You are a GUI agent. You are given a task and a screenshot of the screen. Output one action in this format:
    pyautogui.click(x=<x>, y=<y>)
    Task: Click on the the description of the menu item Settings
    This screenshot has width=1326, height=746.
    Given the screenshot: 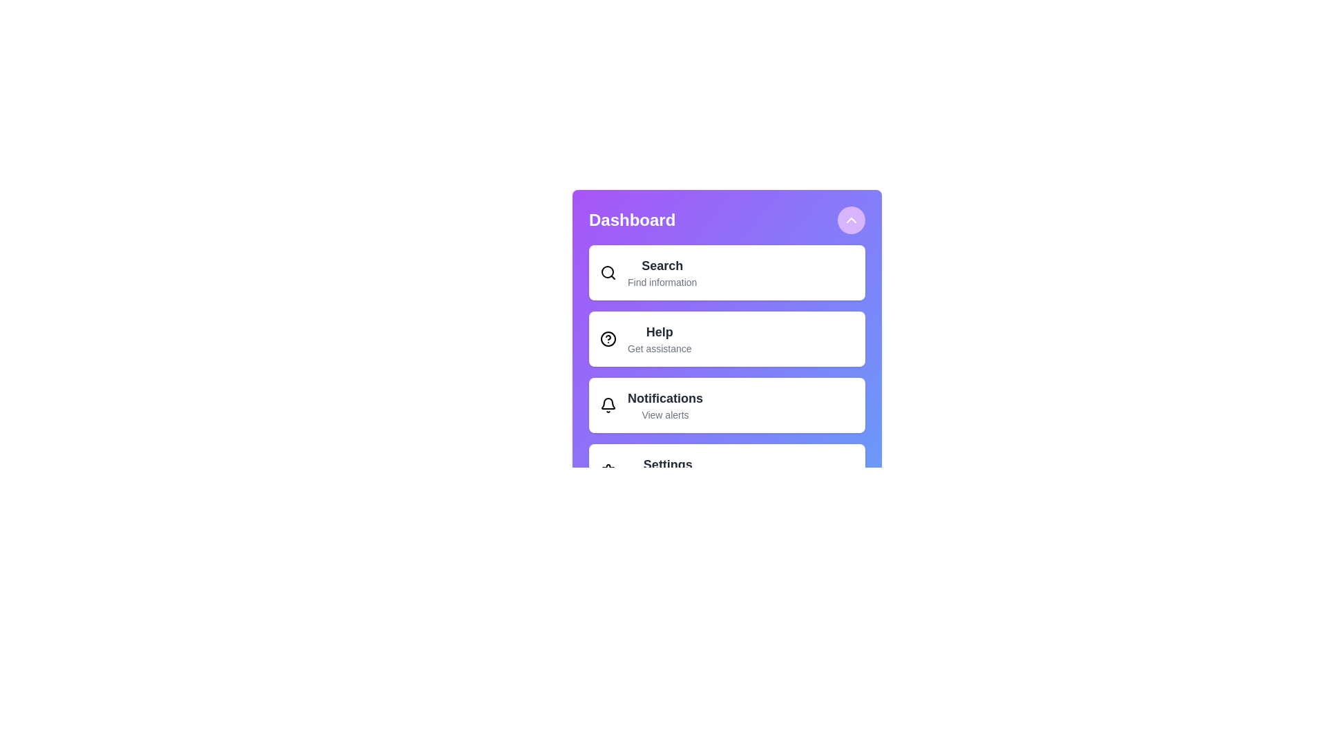 What is the action you would take?
    pyautogui.click(x=667, y=464)
    